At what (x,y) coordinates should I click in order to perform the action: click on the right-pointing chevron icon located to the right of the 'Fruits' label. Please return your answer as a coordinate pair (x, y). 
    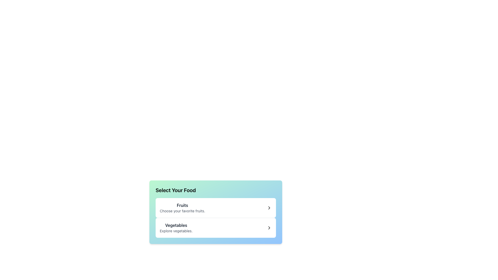
    Looking at the image, I should click on (269, 208).